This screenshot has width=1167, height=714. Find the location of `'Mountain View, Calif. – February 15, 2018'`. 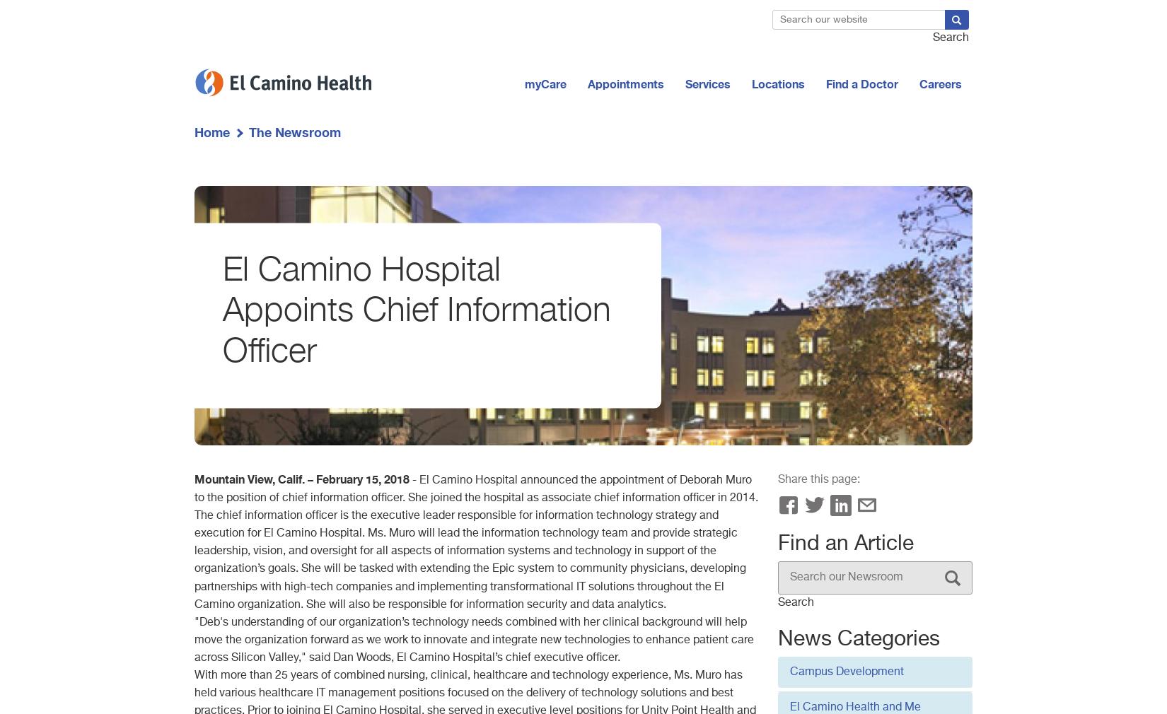

'Mountain View, Calif. – February 15, 2018' is located at coordinates (301, 477).